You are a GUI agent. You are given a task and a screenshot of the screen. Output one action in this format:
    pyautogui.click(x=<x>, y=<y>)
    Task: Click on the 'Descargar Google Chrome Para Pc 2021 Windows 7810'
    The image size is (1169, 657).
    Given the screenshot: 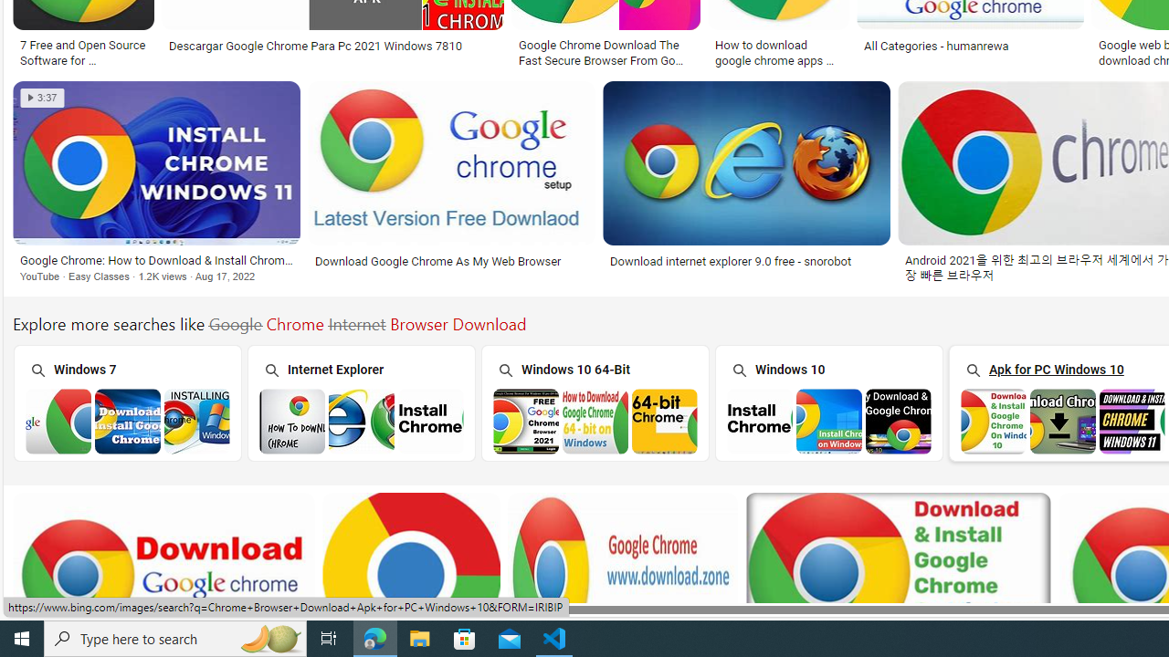 What is the action you would take?
    pyautogui.click(x=315, y=45)
    